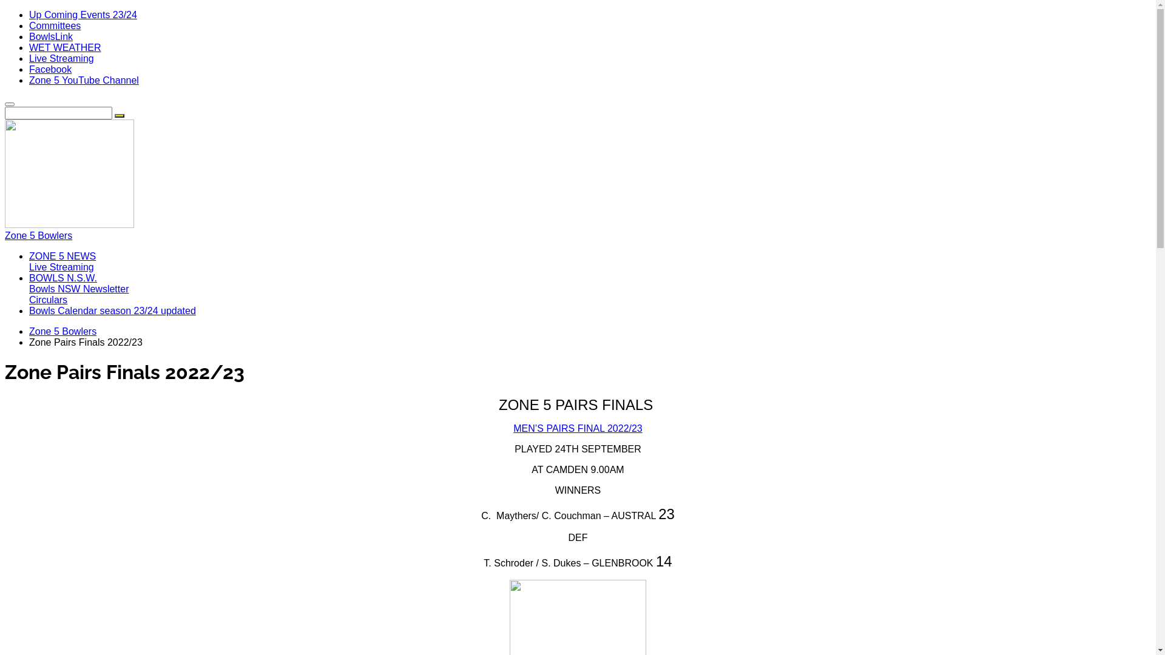 The height and width of the screenshot is (655, 1165). Describe the element at coordinates (577, 180) in the screenshot. I see `'Zone 5 Bowlers'` at that location.